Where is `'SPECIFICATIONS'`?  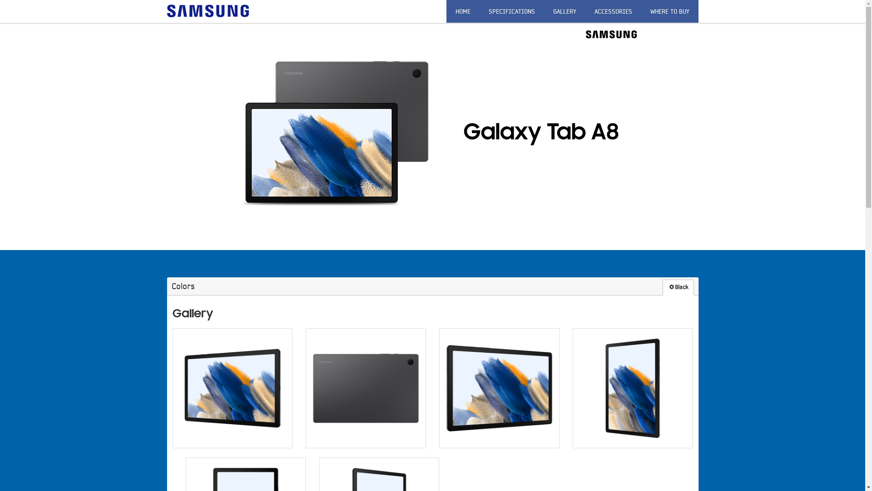 'SPECIFICATIONS' is located at coordinates (512, 11).